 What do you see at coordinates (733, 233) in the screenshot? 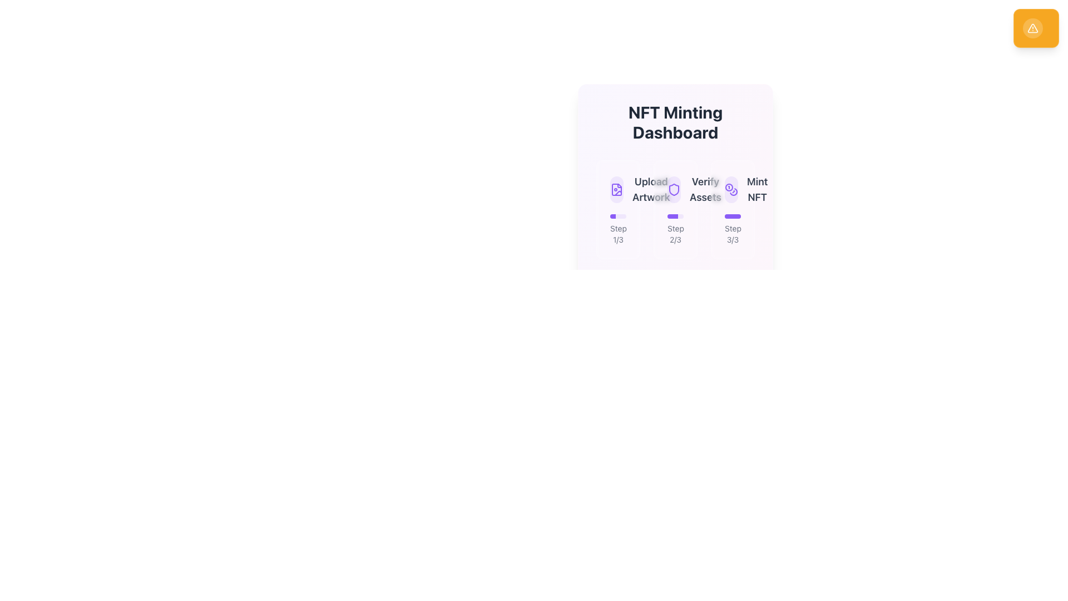
I see `text label that displays 'Step 3/3', which is positioned below the progress bar in the 'Mint NFT' section` at bounding box center [733, 233].